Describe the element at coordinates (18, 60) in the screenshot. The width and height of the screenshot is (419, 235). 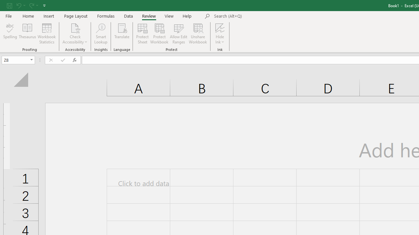
I see `'Name Box'` at that location.